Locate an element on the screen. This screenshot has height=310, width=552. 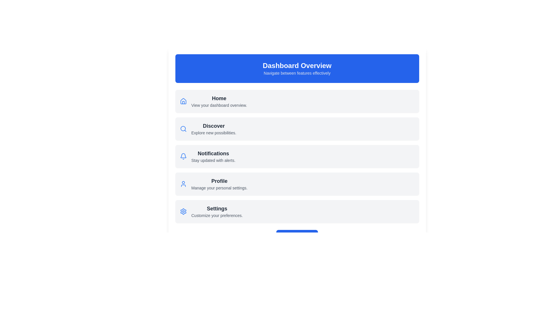
the blue button labeled 'Learn More', which is located in the bottom section of the 'Dashboard Overview' card, to potentially see a visual effect is located at coordinates (297, 237).